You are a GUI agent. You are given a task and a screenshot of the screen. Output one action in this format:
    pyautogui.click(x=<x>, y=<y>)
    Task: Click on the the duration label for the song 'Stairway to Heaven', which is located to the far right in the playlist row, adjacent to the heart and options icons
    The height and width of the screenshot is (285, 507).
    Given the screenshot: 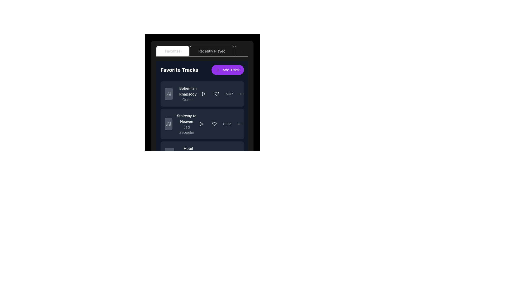 What is the action you would take?
    pyautogui.click(x=227, y=124)
    